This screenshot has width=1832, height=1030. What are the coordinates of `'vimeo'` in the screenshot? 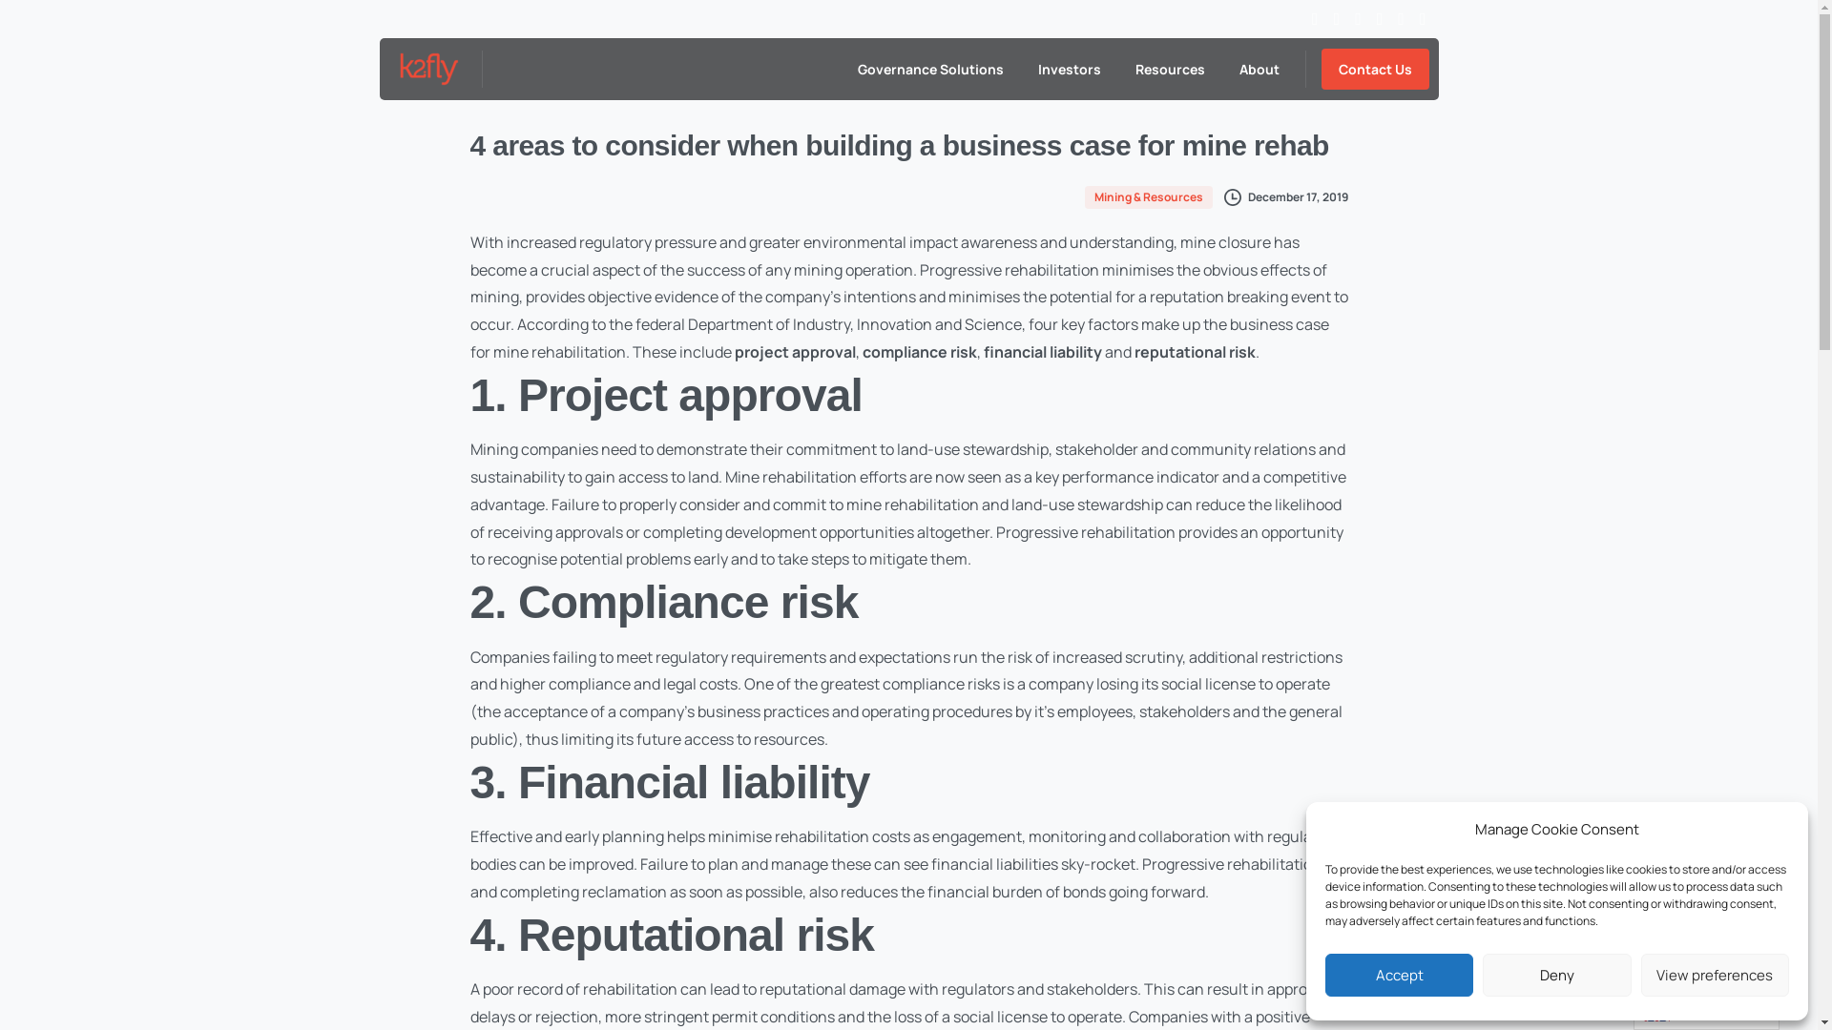 It's located at (1345, 18).